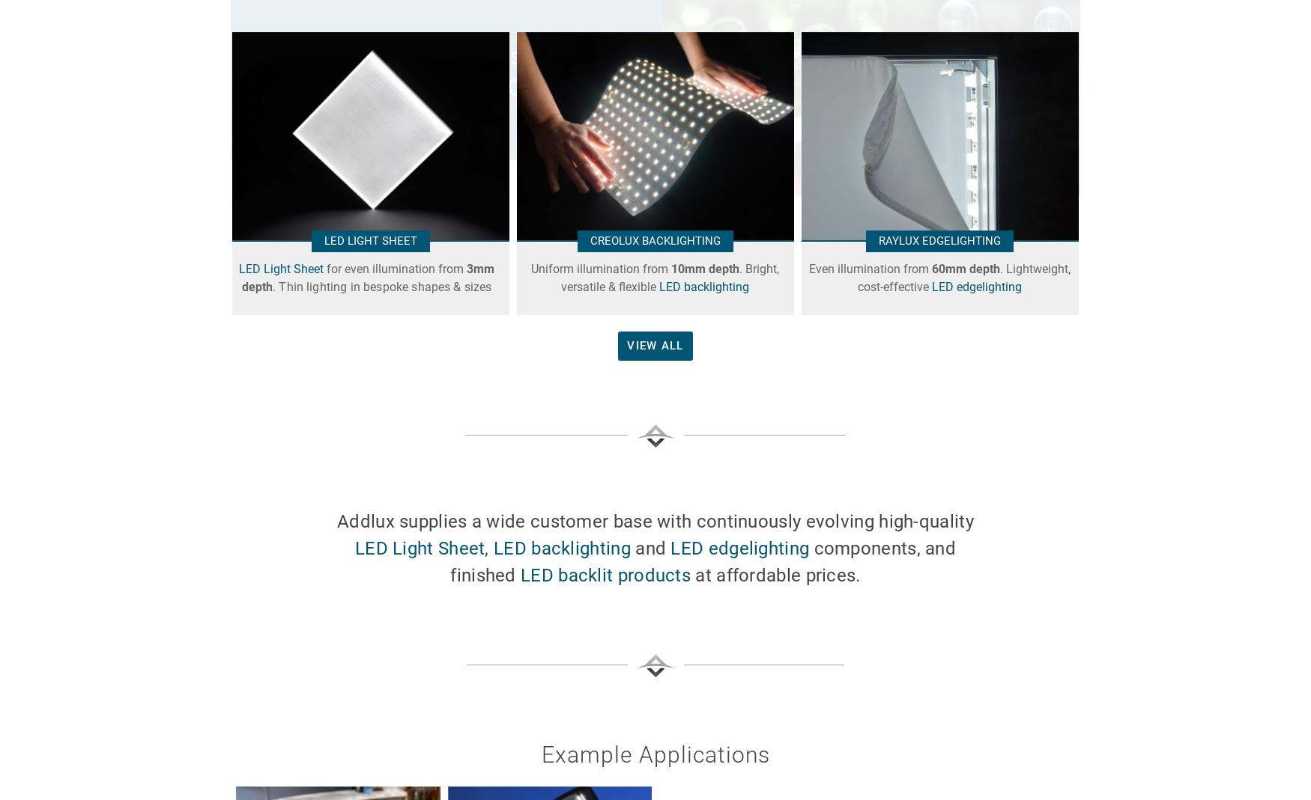 This screenshot has width=1311, height=800. Describe the element at coordinates (627, 343) in the screenshot. I see `'VIEW ALL'` at that location.